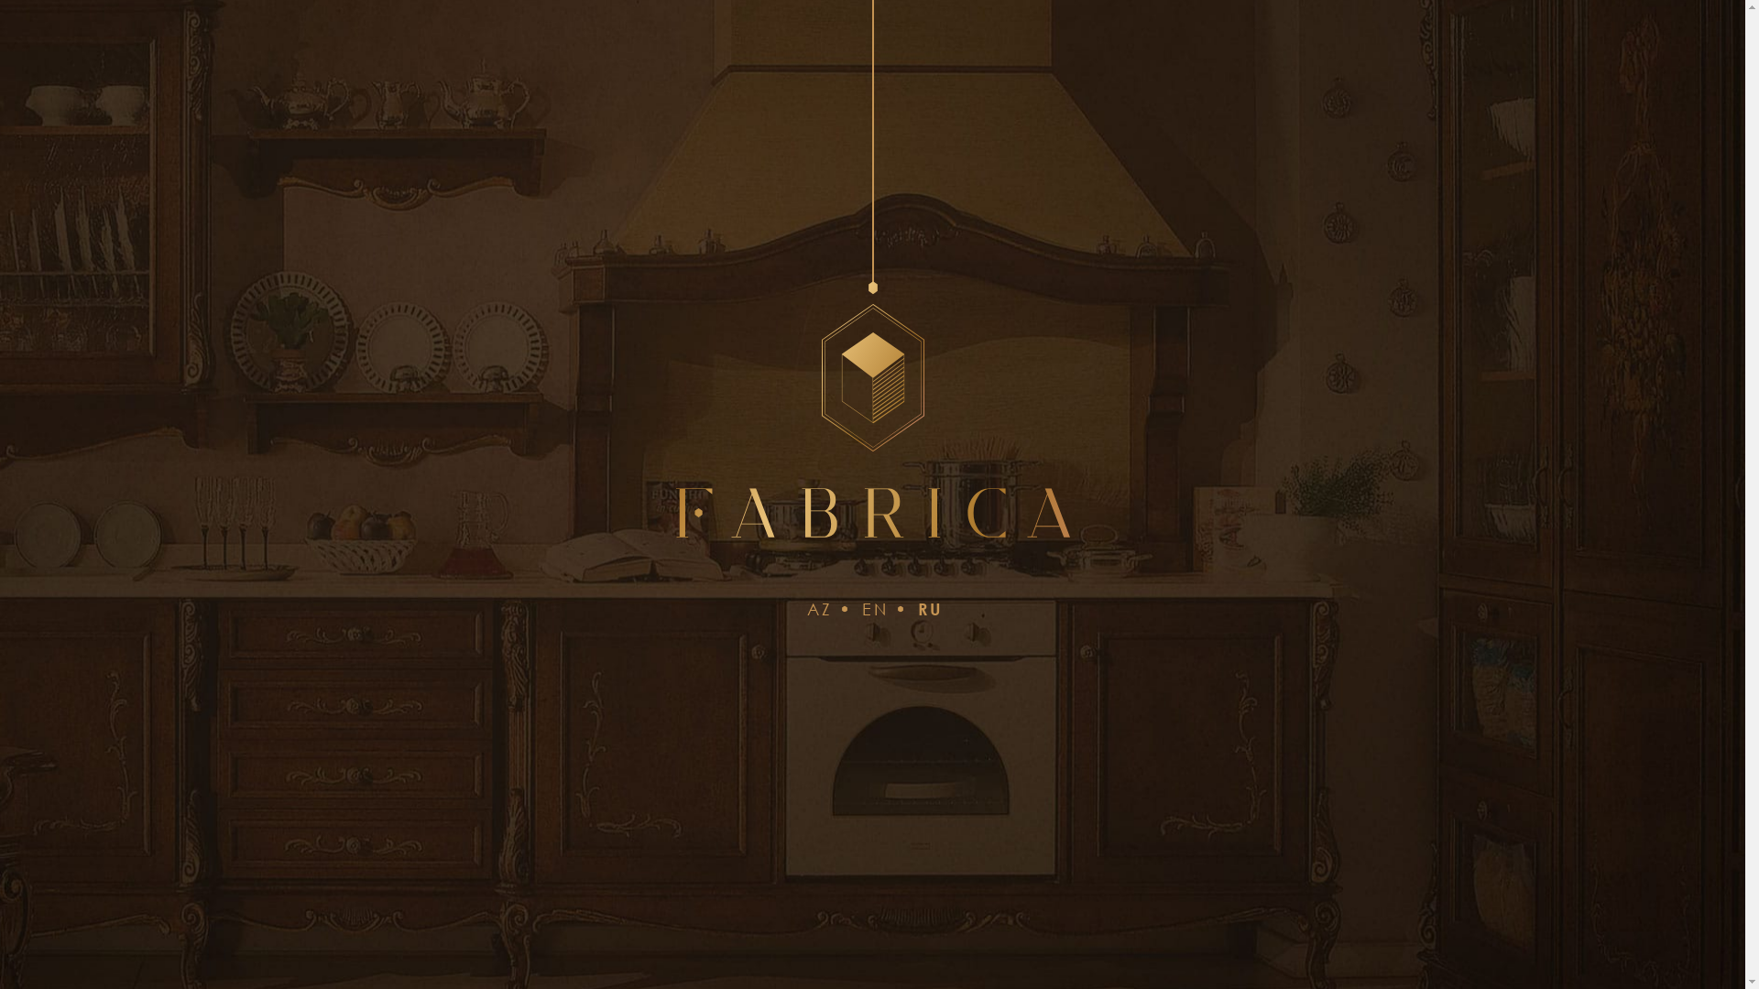 Image resolution: width=1759 pixels, height=989 pixels. What do you see at coordinates (918, 608) in the screenshot?
I see `'RU'` at bounding box center [918, 608].